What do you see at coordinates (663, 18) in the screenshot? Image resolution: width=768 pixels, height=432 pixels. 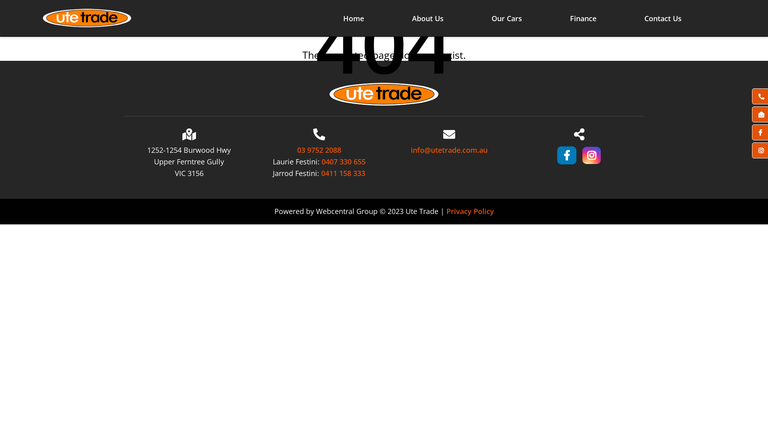 I see `'Contact Us'` at bounding box center [663, 18].